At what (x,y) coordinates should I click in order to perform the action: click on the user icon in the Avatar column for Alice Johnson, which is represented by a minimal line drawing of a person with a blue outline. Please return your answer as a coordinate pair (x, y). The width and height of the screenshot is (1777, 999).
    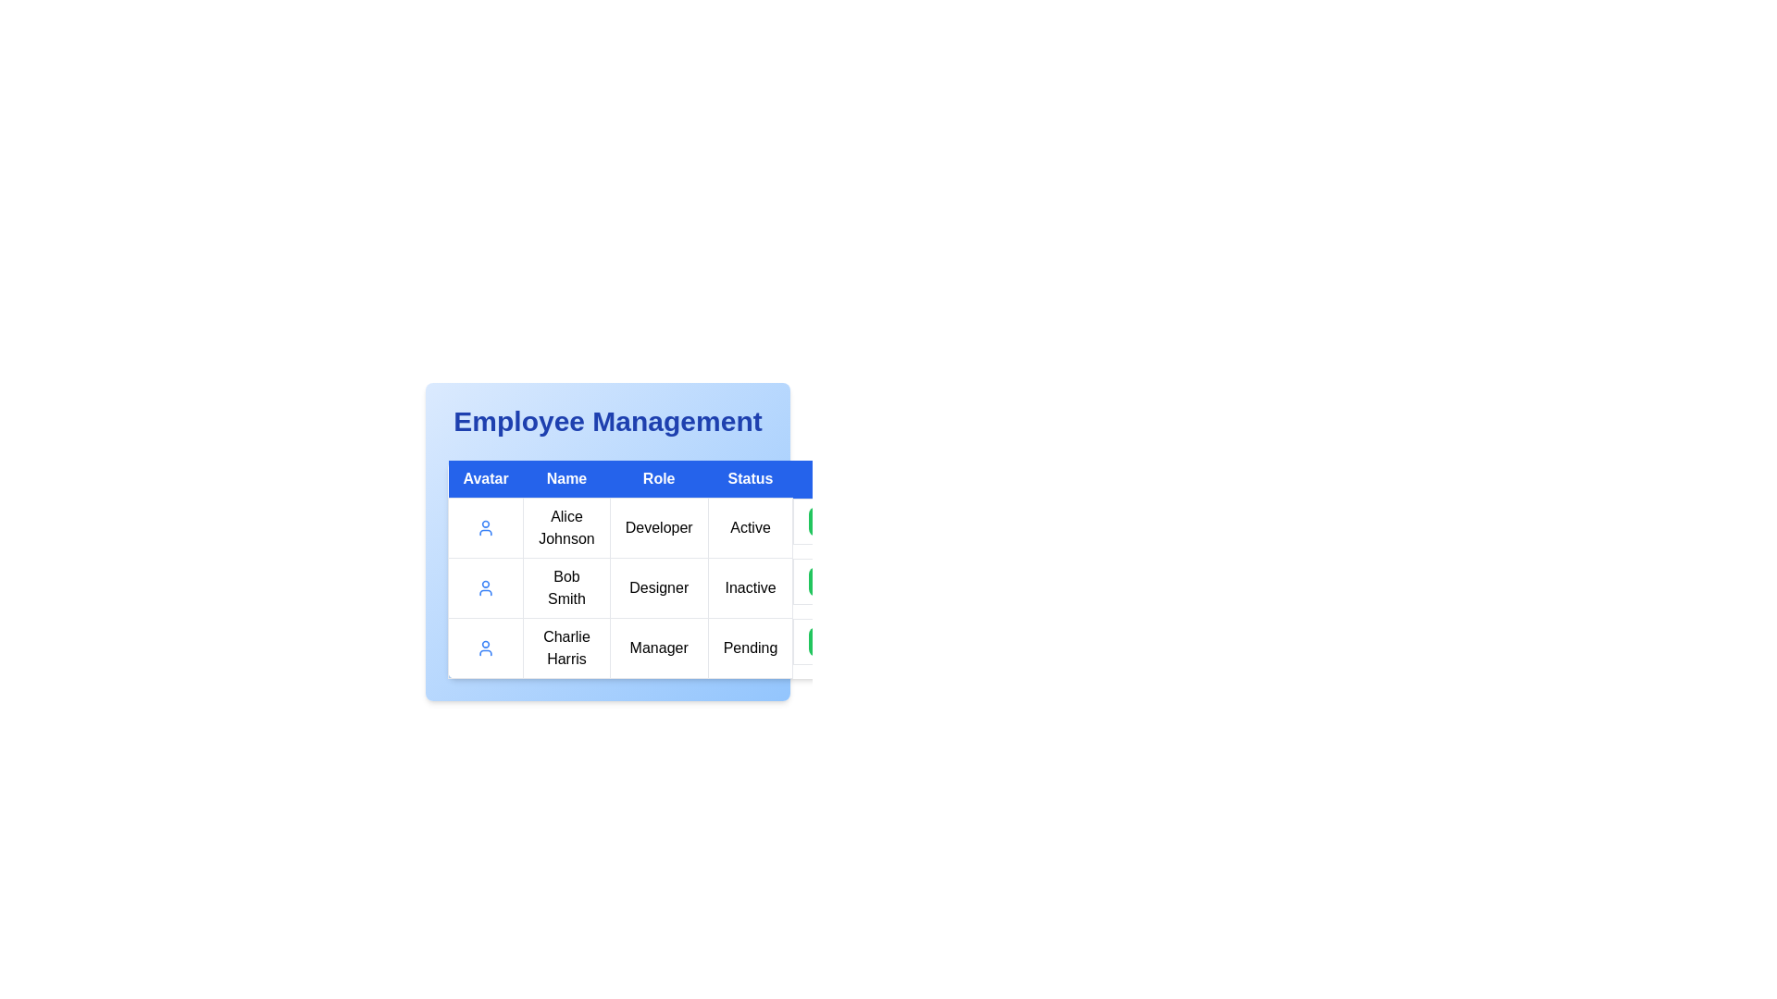
    Looking at the image, I should click on (486, 527).